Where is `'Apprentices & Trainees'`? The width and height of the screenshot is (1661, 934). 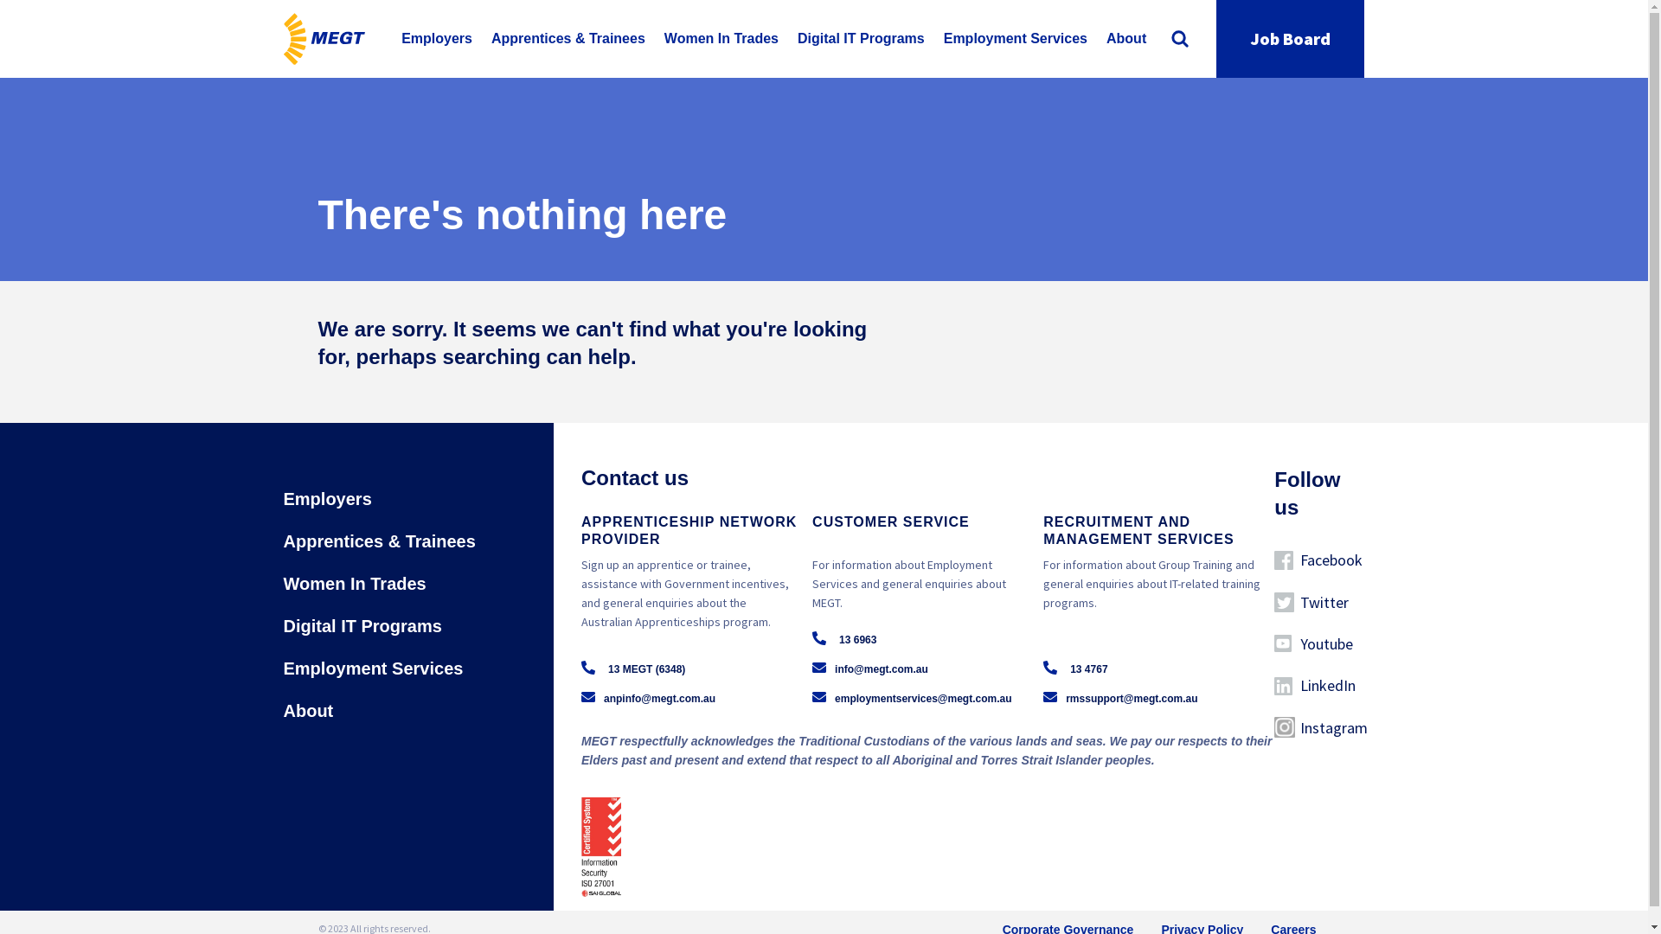 'Apprentices & Trainees' is located at coordinates (283, 540).